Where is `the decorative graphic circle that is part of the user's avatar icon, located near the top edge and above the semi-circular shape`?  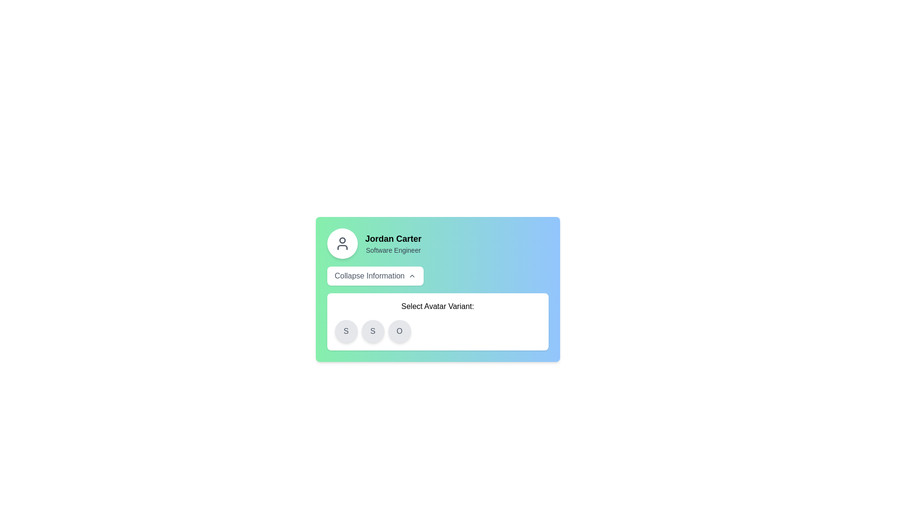 the decorative graphic circle that is part of the user's avatar icon, located near the top edge and above the semi-circular shape is located at coordinates (342, 240).